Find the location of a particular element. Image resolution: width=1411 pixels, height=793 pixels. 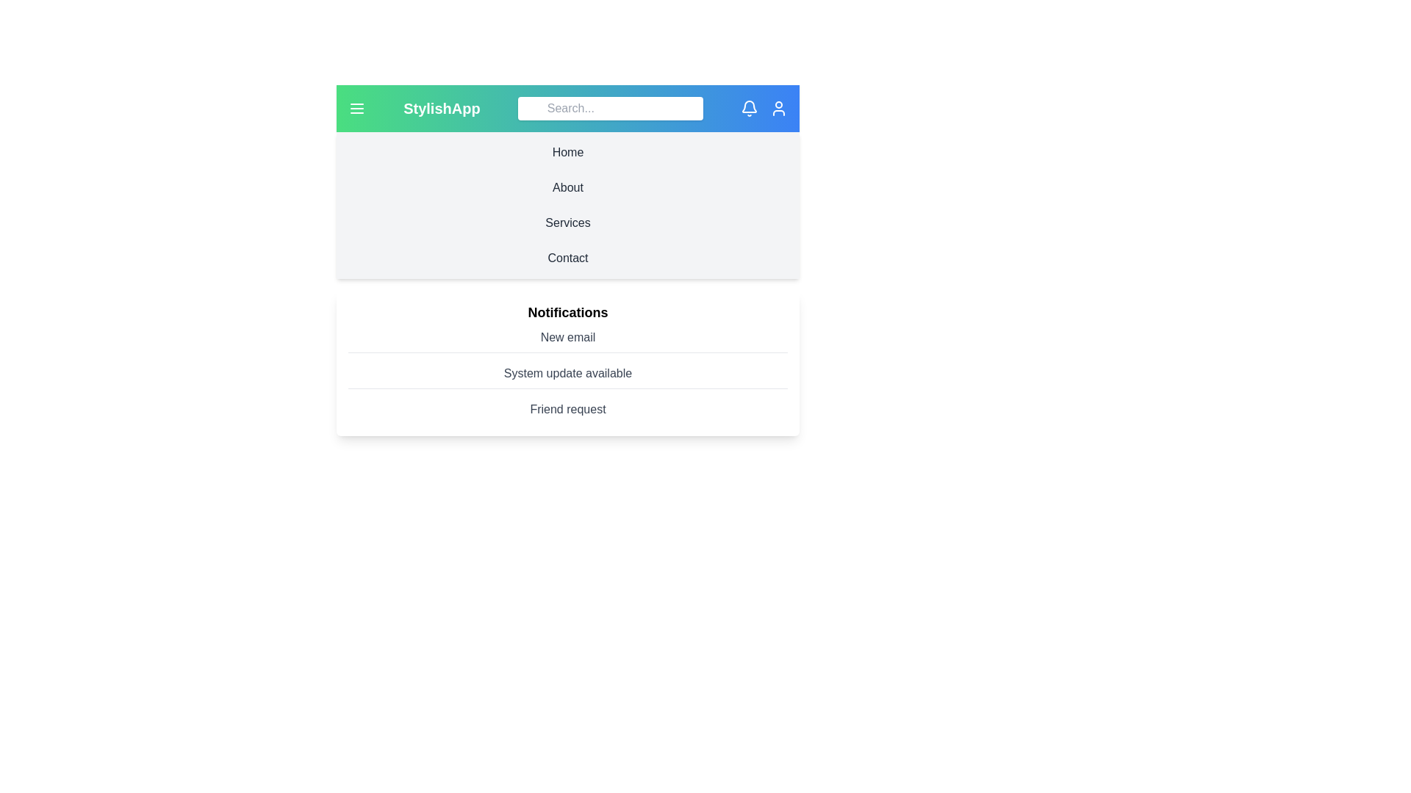

the user icon to access user account options is located at coordinates (778, 107).